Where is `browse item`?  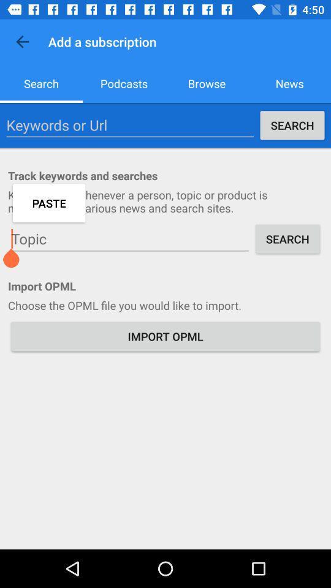 browse item is located at coordinates (207, 83).